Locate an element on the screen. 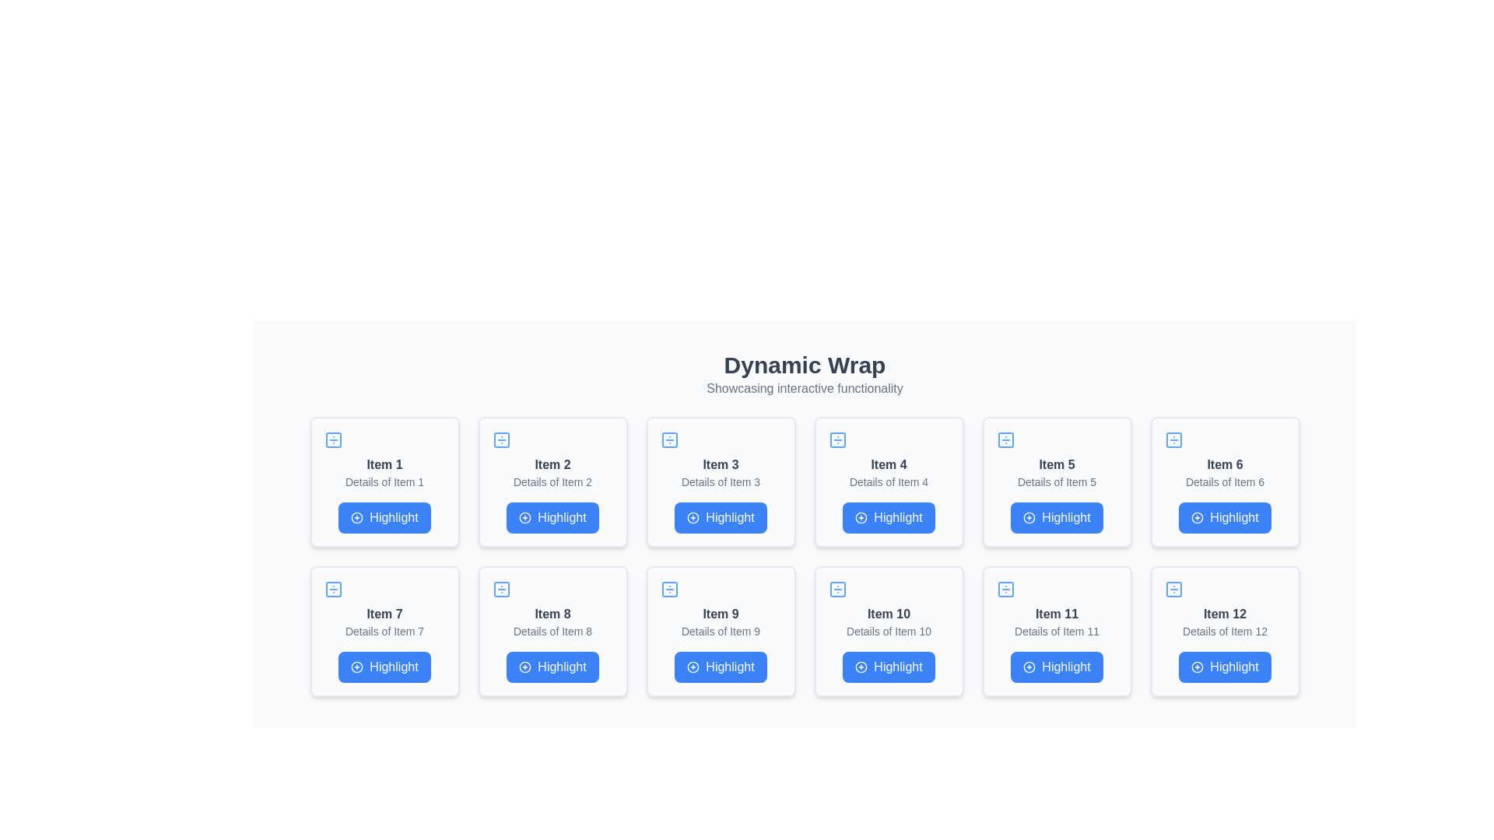 This screenshot has width=1494, height=840. the SVG icon of type 'circle-plus' located within the 'Highlight' button under the 'Item 10' card is located at coordinates (861, 666).